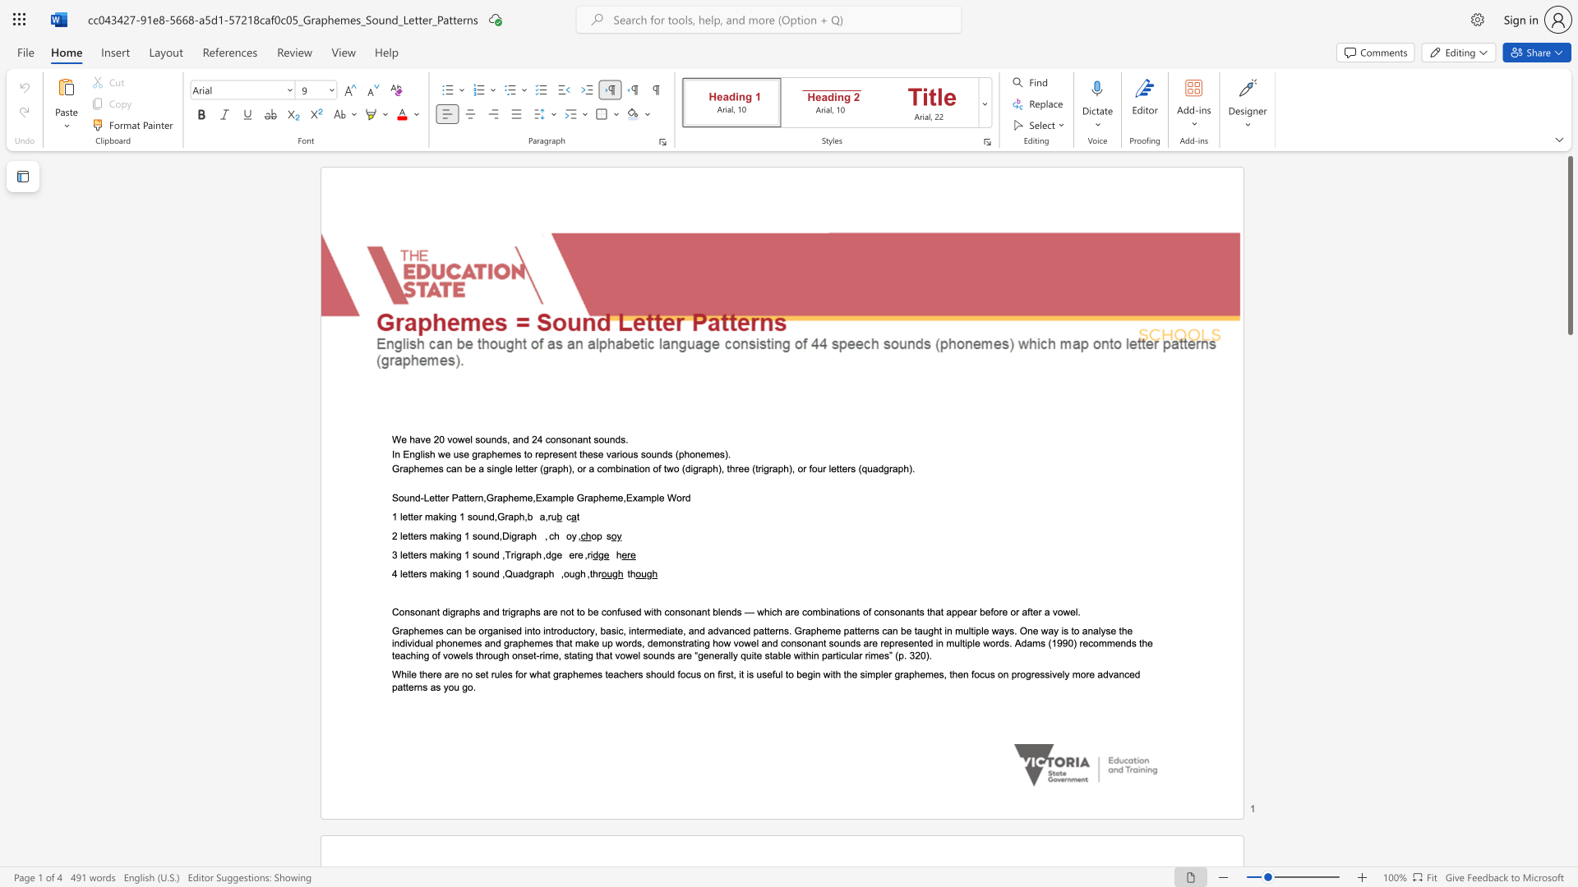 This screenshot has width=1578, height=887. What do you see at coordinates (1569, 648) in the screenshot?
I see `the scrollbar to scroll the page down` at bounding box center [1569, 648].